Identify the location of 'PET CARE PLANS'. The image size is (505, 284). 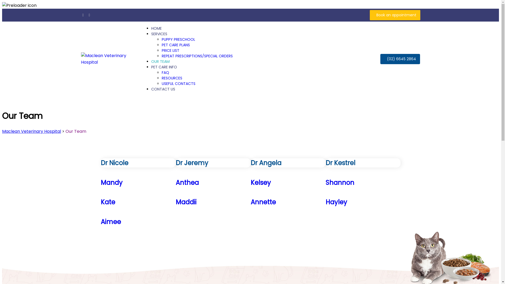
(176, 44).